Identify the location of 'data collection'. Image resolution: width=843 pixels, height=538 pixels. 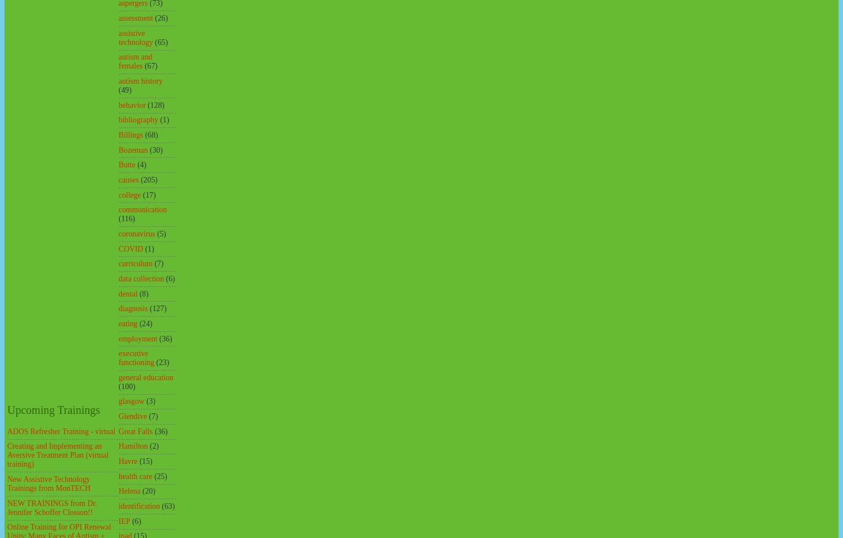
(140, 277).